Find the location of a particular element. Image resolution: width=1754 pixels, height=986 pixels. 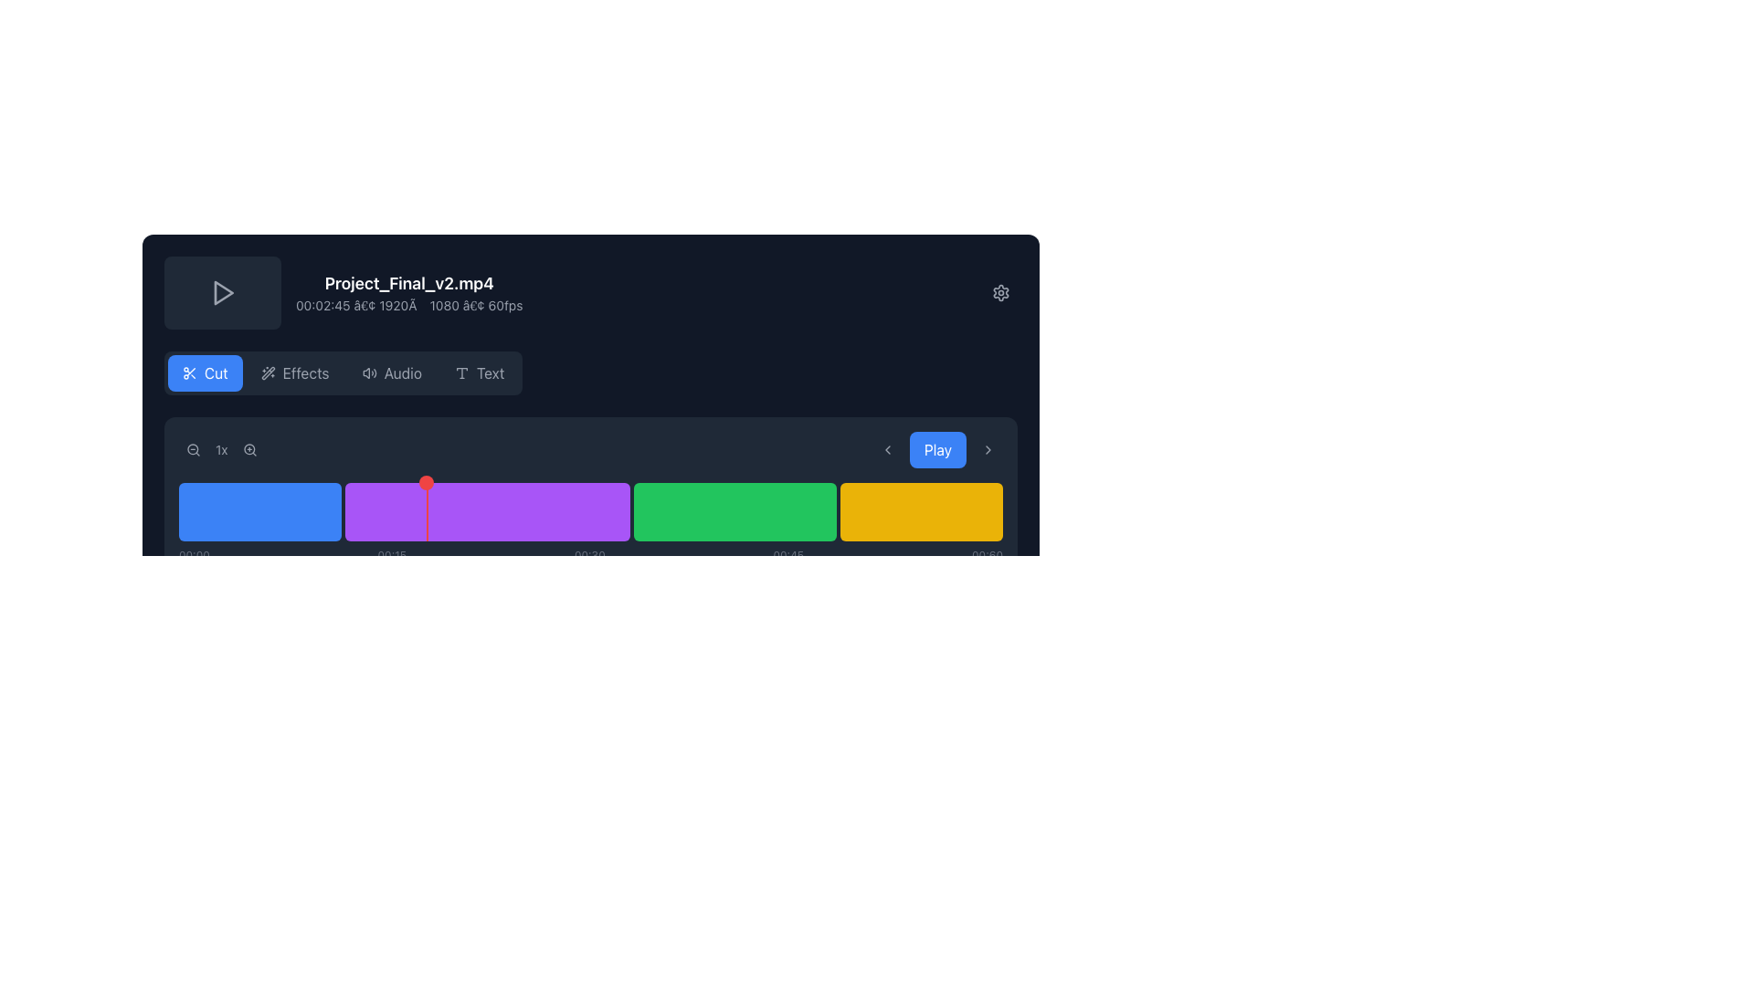

the circular magnifying glass icon with a minus symbol inside is located at coordinates (193, 450).